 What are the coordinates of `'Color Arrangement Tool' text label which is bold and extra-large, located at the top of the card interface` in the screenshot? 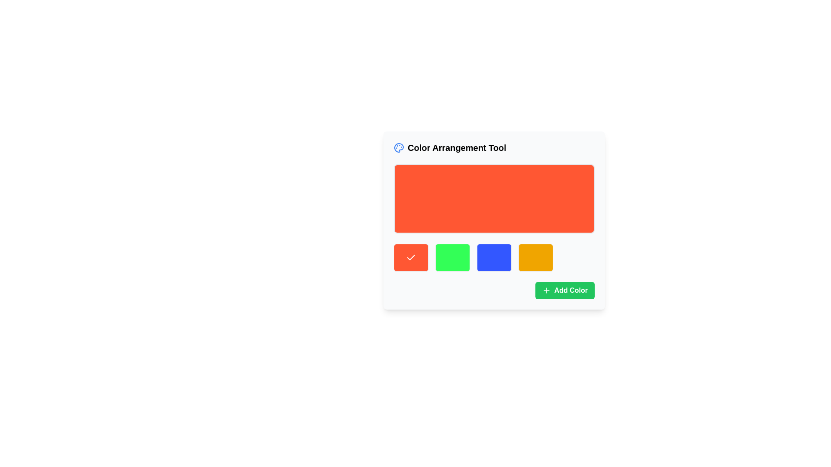 It's located at (450, 147).